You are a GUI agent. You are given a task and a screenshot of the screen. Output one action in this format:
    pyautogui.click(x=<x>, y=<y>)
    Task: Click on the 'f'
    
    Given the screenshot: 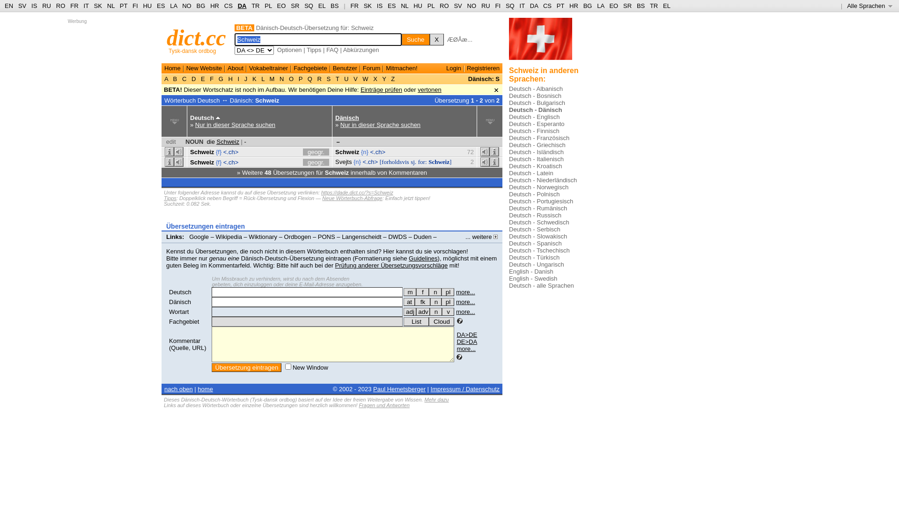 What is the action you would take?
    pyautogui.click(x=422, y=291)
    